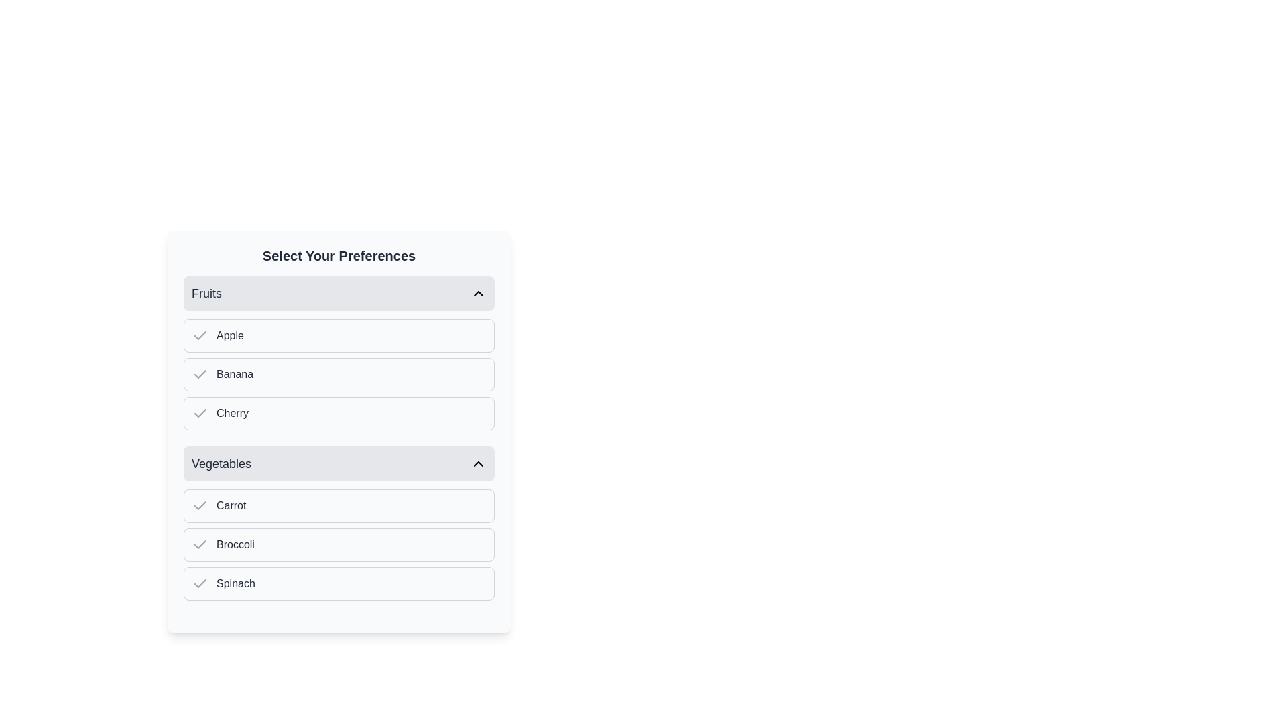 The width and height of the screenshot is (1287, 724). What do you see at coordinates (199, 583) in the screenshot?
I see `the small, gray checkmark-shaped icon located to the left of the label 'Spinach'` at bounding box center [199, 583].